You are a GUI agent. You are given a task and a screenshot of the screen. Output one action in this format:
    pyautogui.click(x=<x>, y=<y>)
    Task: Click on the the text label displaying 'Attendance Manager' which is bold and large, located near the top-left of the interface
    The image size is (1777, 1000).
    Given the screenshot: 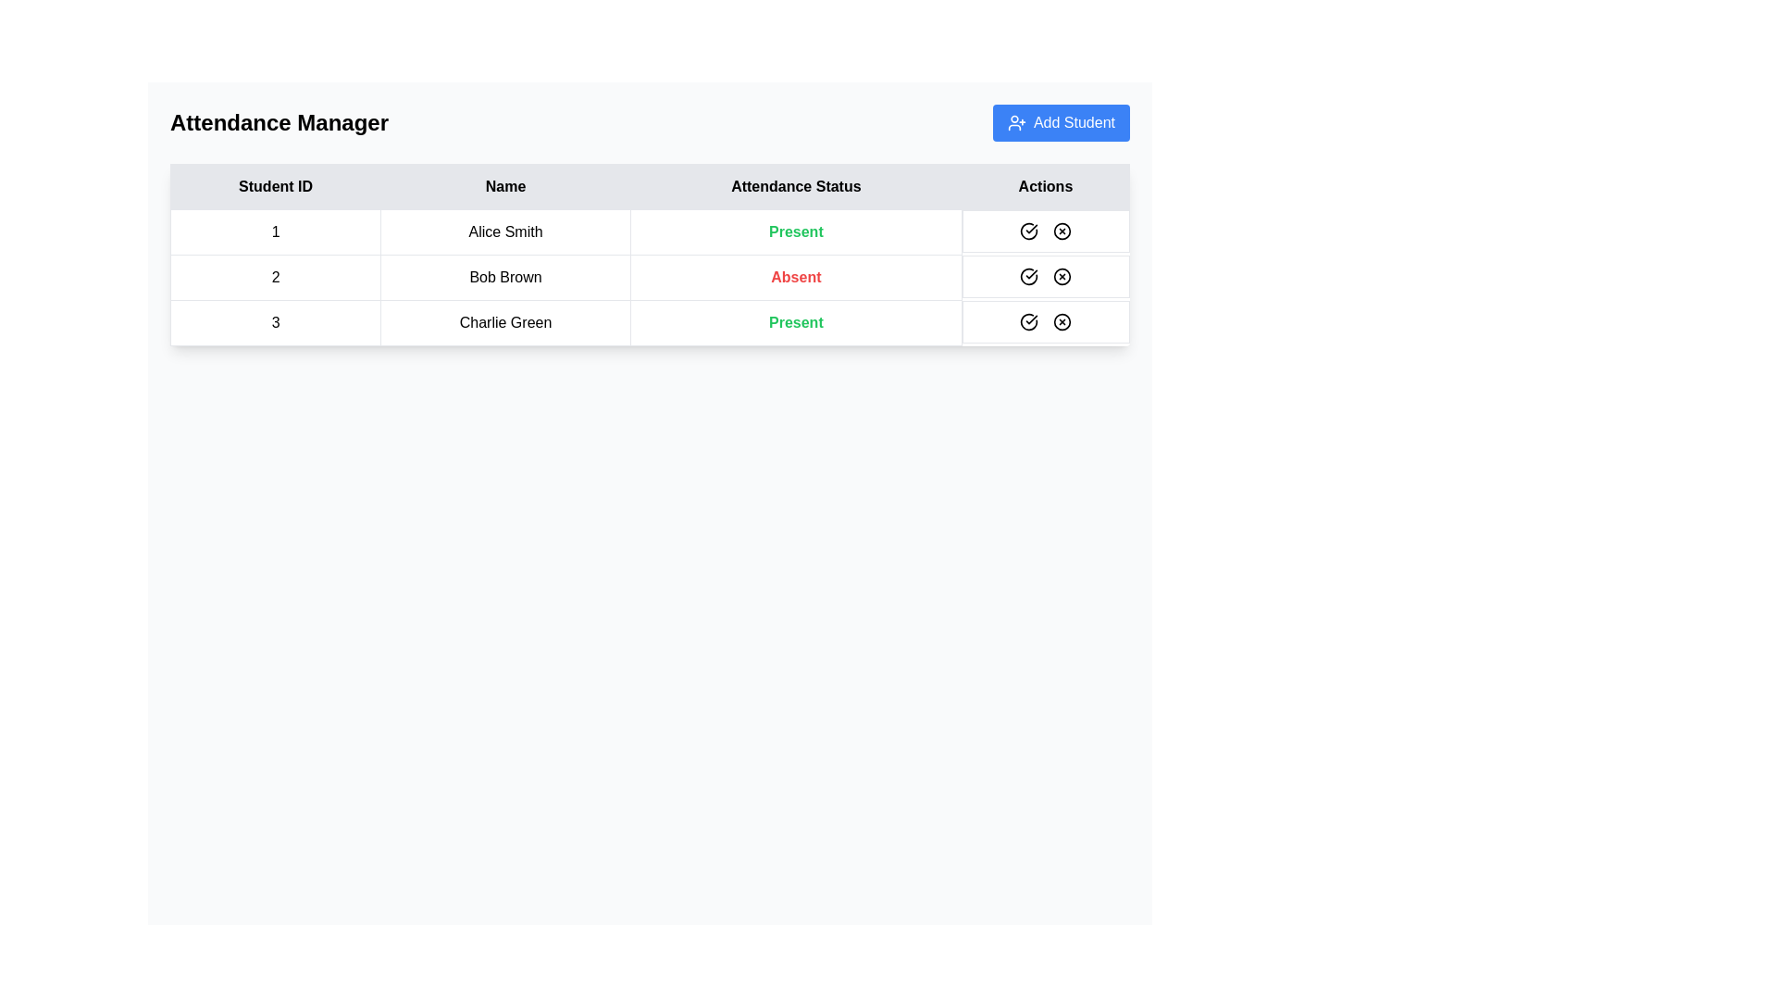 What is the action you would take?
    pyautogui.click(x=279, y=122)
    